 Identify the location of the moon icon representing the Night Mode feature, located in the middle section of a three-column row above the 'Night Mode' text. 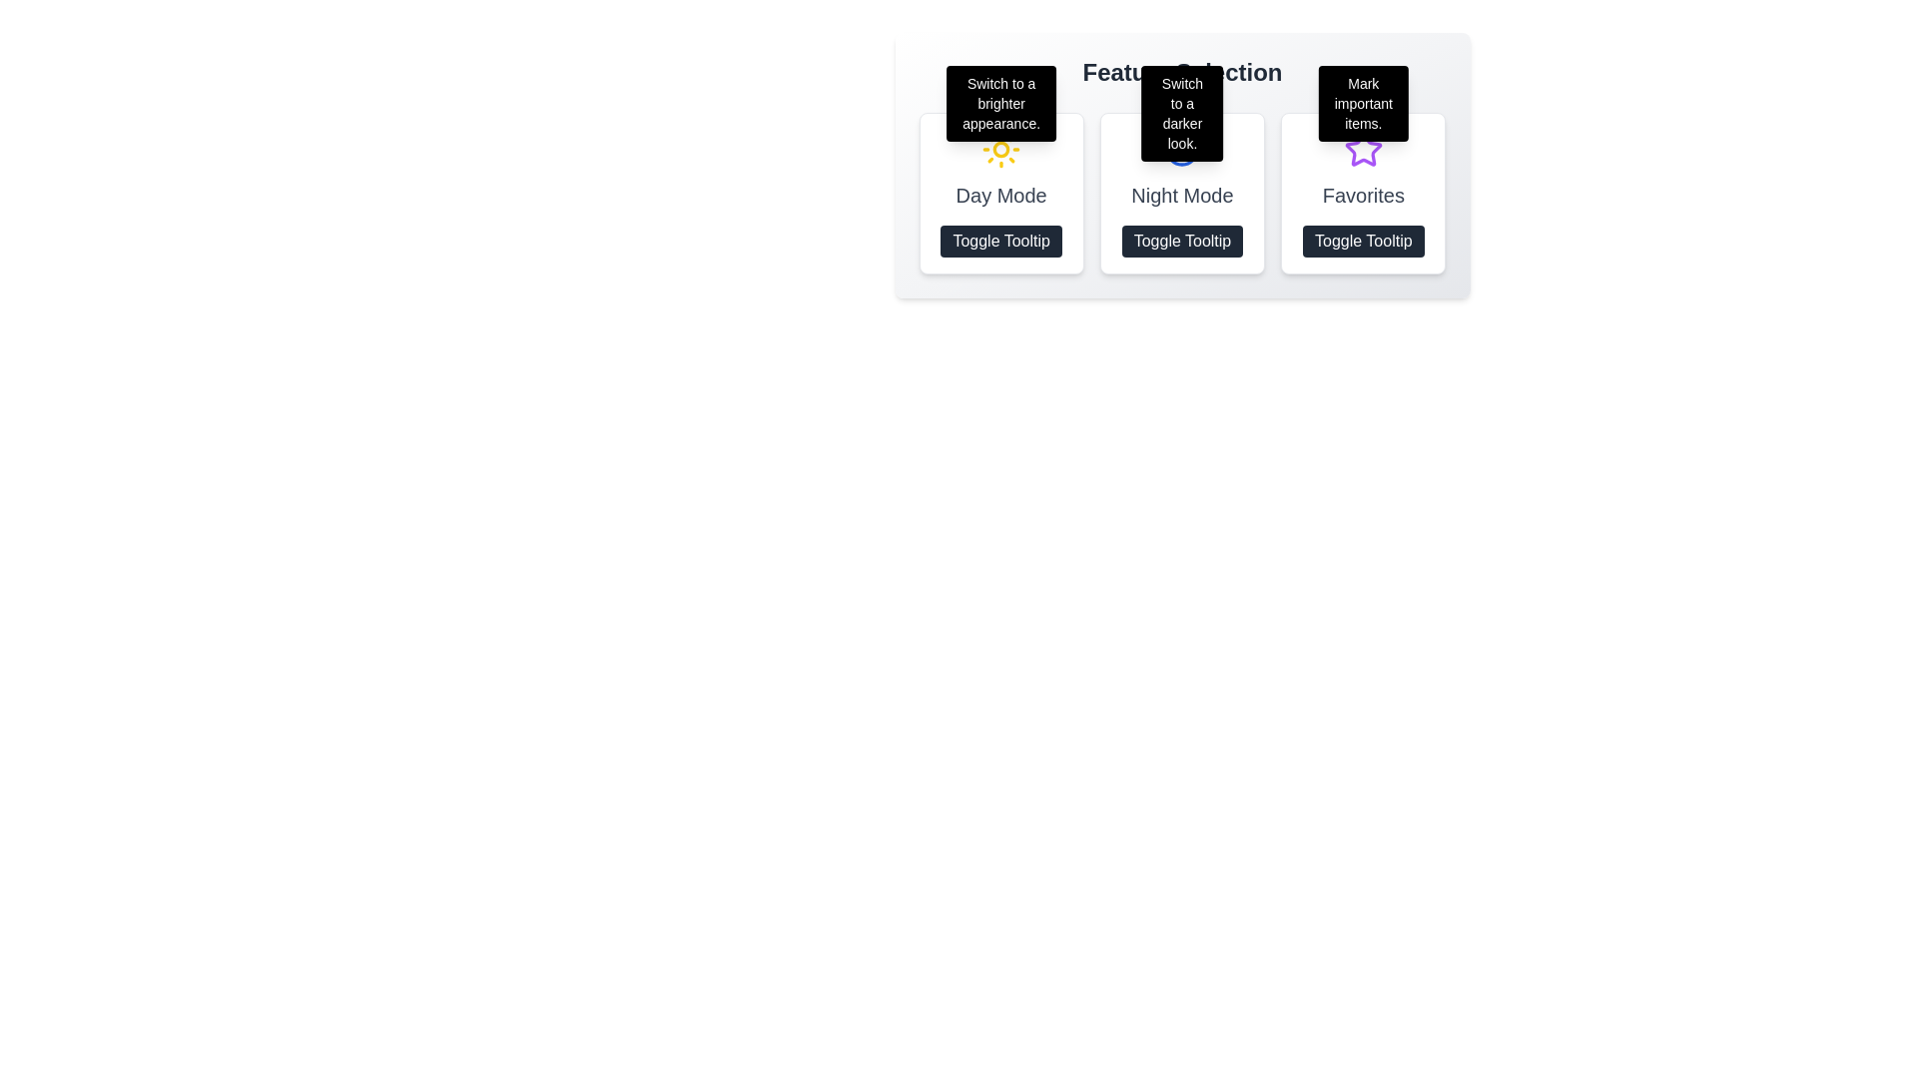
(1182, 149).